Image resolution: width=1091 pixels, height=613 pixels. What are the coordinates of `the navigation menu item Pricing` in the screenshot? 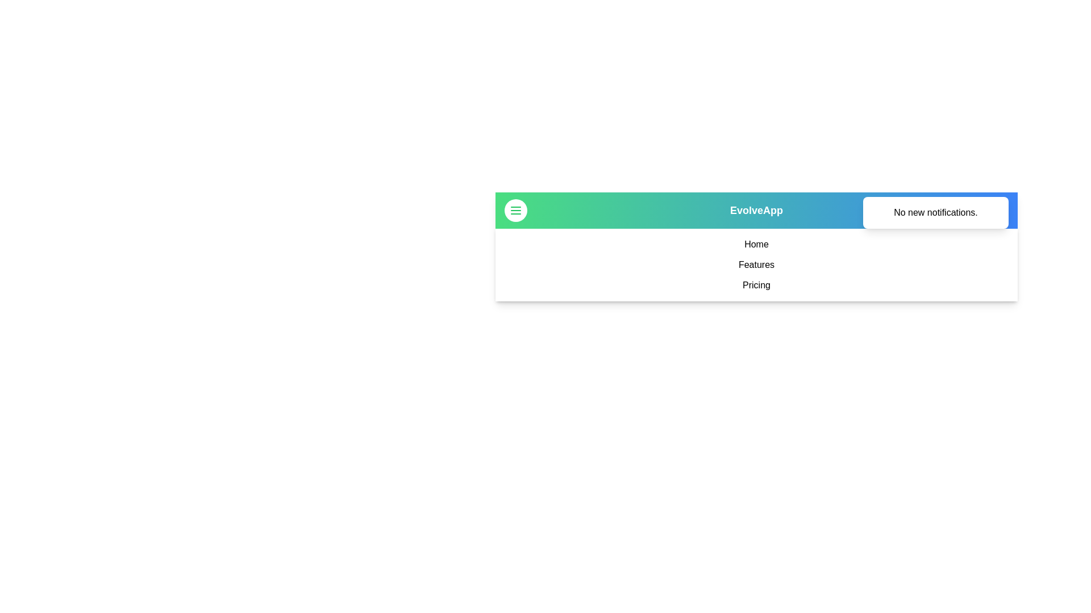 It's located at (756, 284).